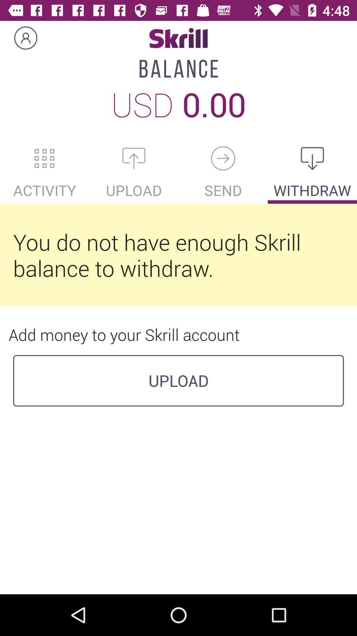 This screenshot has height=636, width=357. What do you see at coordinates (223, 158) in the screenshot?
I see `go back` at bounding box center [223, 158].